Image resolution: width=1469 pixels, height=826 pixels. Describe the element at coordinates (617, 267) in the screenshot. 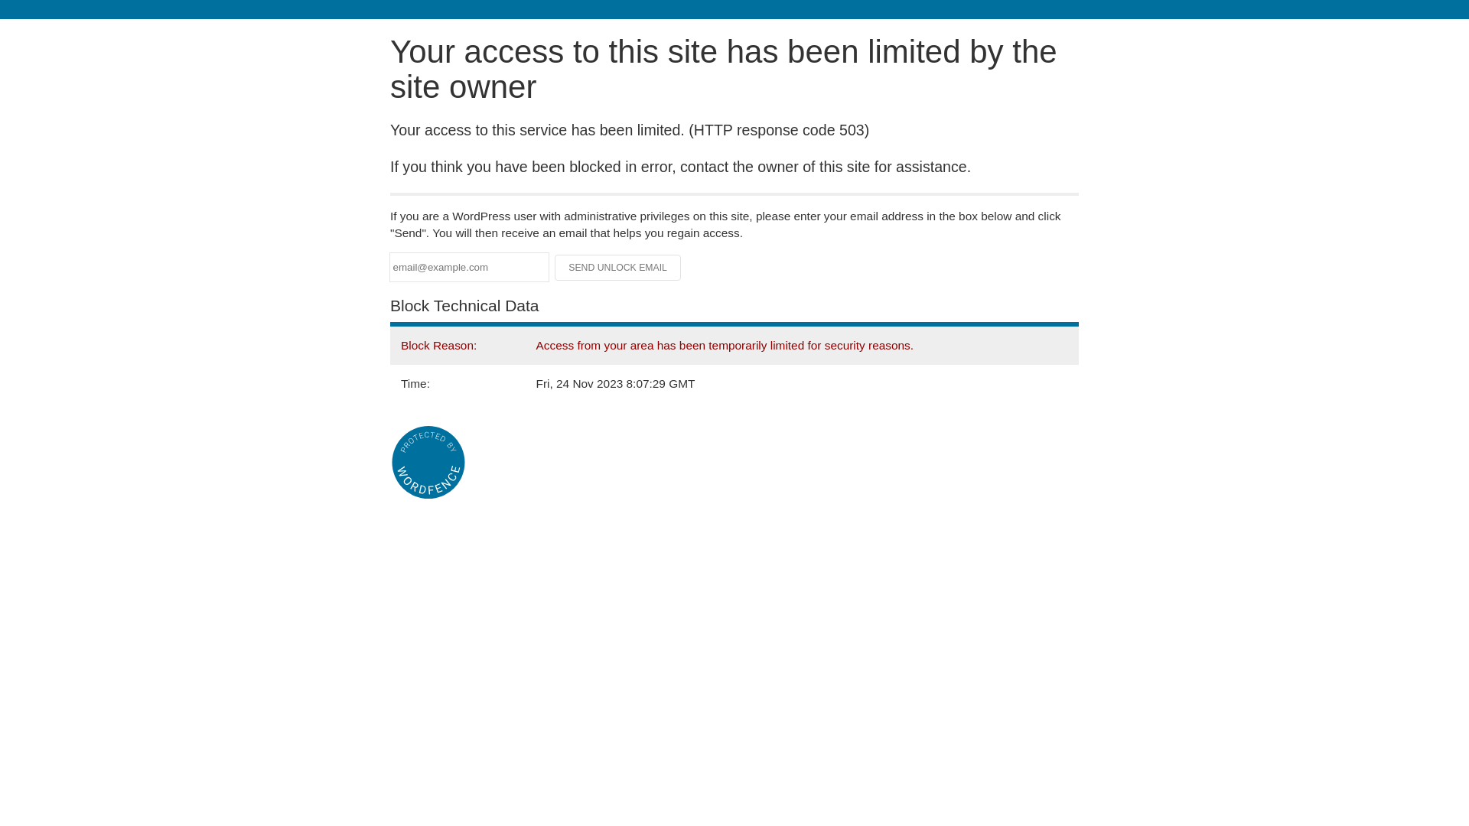

I see `'Send Unlock Email'` at that location.